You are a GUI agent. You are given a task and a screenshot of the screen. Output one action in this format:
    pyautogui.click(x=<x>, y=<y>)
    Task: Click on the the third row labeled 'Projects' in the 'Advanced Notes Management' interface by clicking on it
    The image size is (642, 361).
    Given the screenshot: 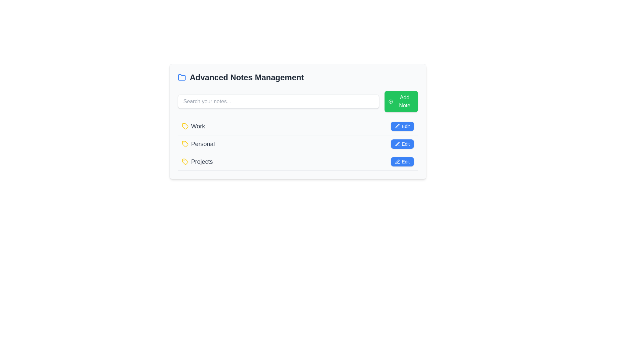 What is the action you would take?
    pyautogui.click(x=297, y=162)
    